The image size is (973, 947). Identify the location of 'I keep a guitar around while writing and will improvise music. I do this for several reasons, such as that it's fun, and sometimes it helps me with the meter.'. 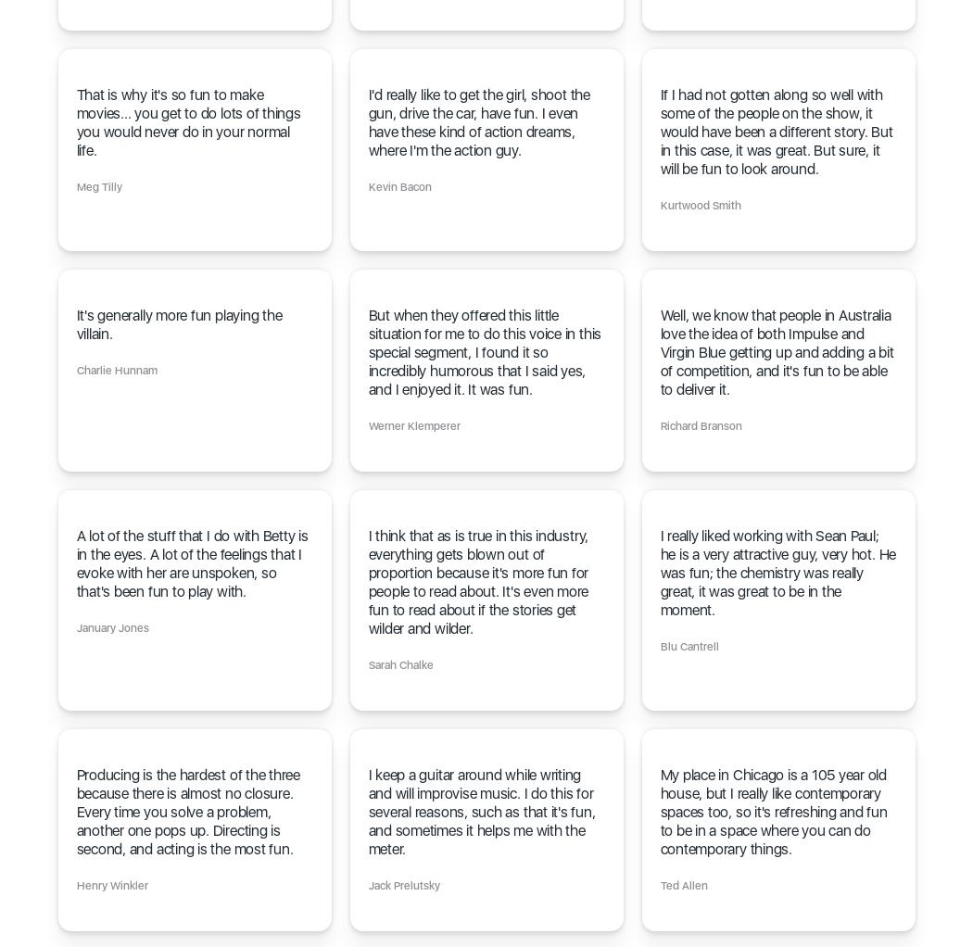
(480, 812).